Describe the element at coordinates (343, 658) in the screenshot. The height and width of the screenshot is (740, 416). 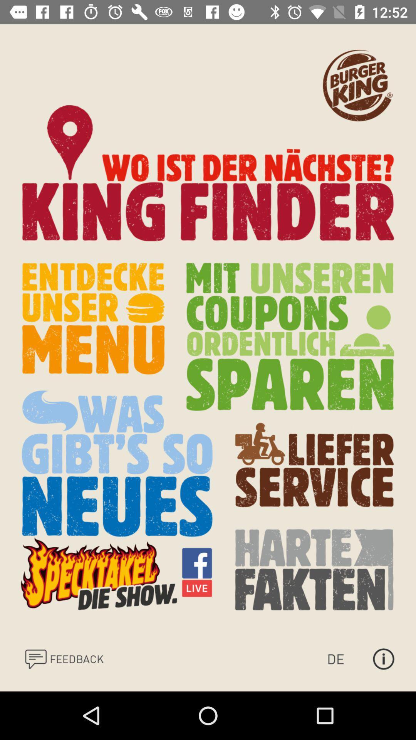
I see `language` at that location.